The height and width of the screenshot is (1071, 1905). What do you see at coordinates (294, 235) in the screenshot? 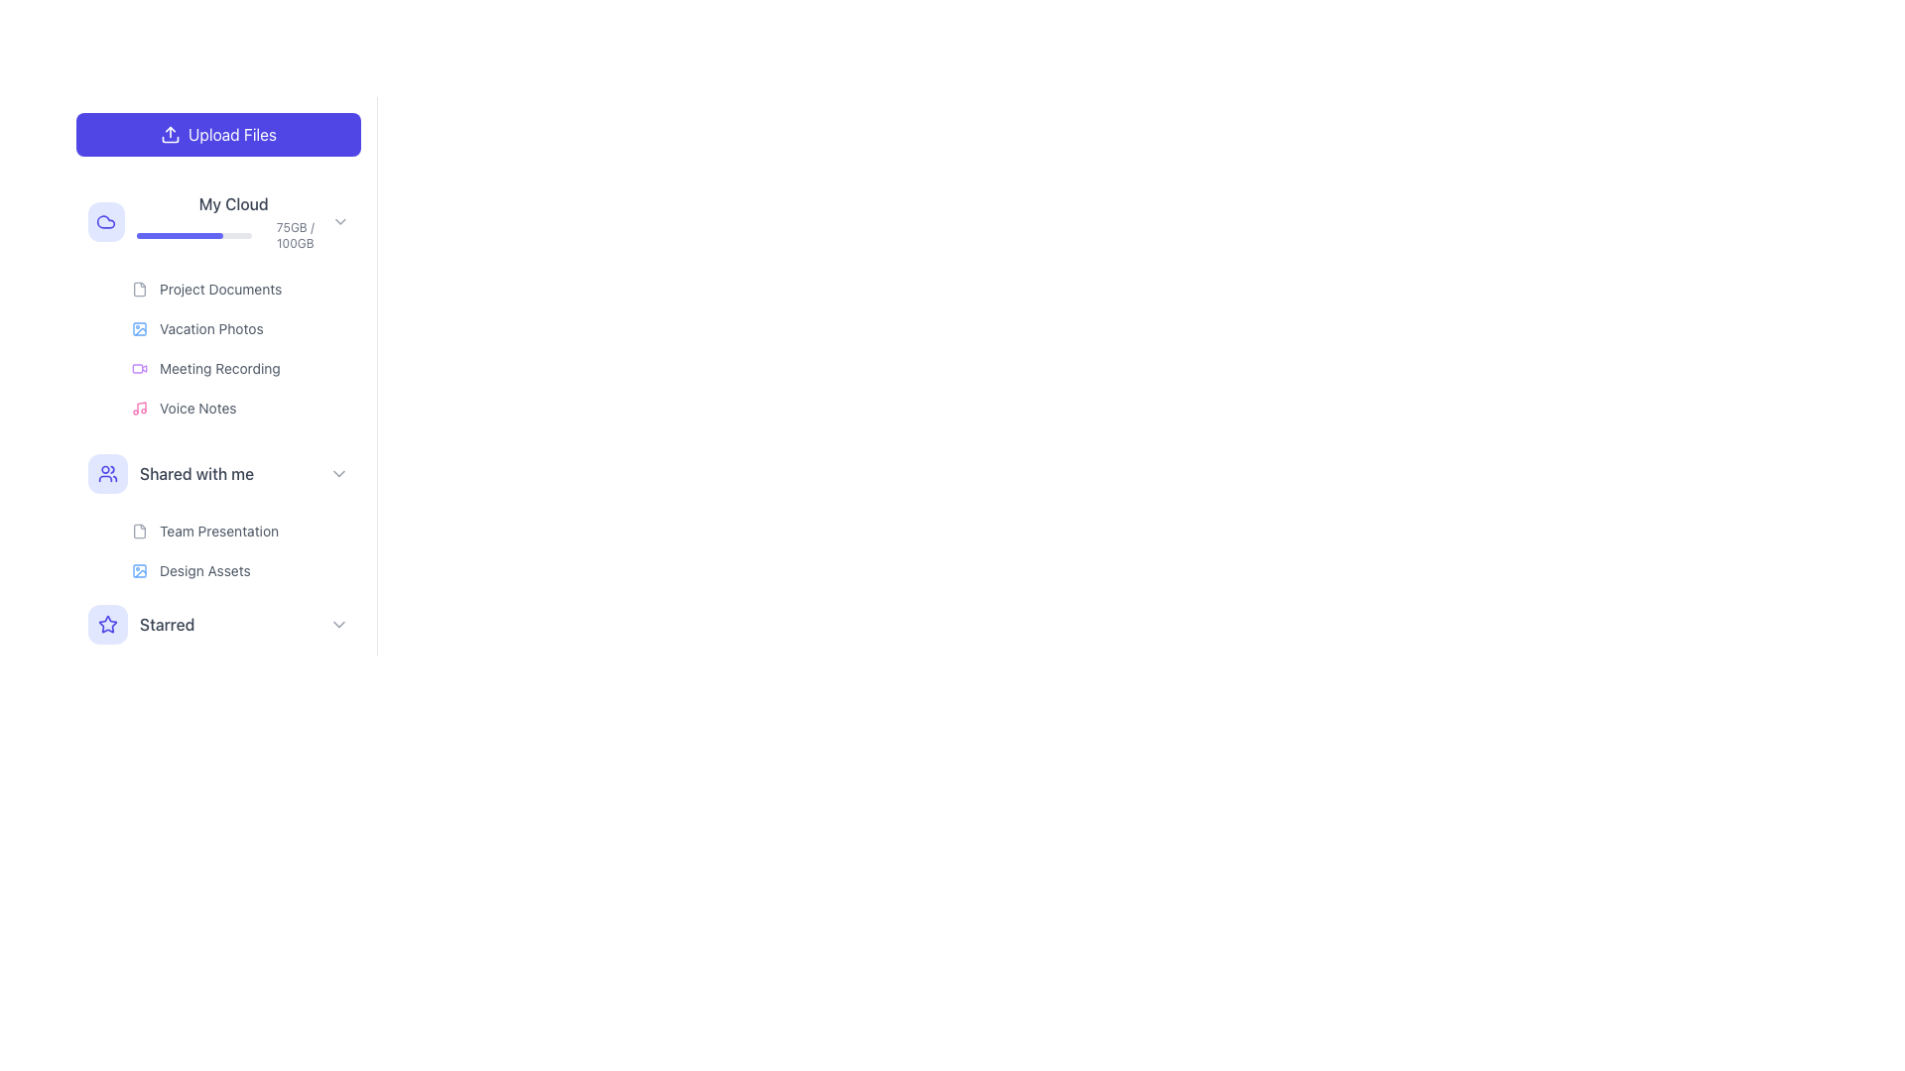
I see `text label displaying '75GB / 100GB' which is in a small gray font, located to the right of a horizontal progress bar and above the label titled 'My Cloud' in the left-hand navigation panel` at bounding box center [294, 235].